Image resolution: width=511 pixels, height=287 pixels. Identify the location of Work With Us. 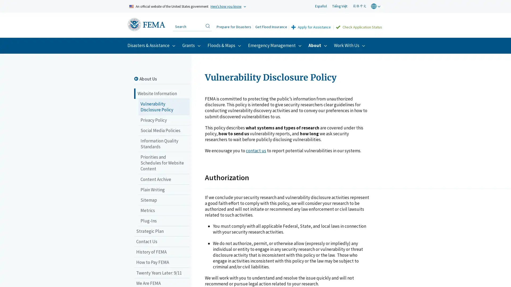
(350, 45).